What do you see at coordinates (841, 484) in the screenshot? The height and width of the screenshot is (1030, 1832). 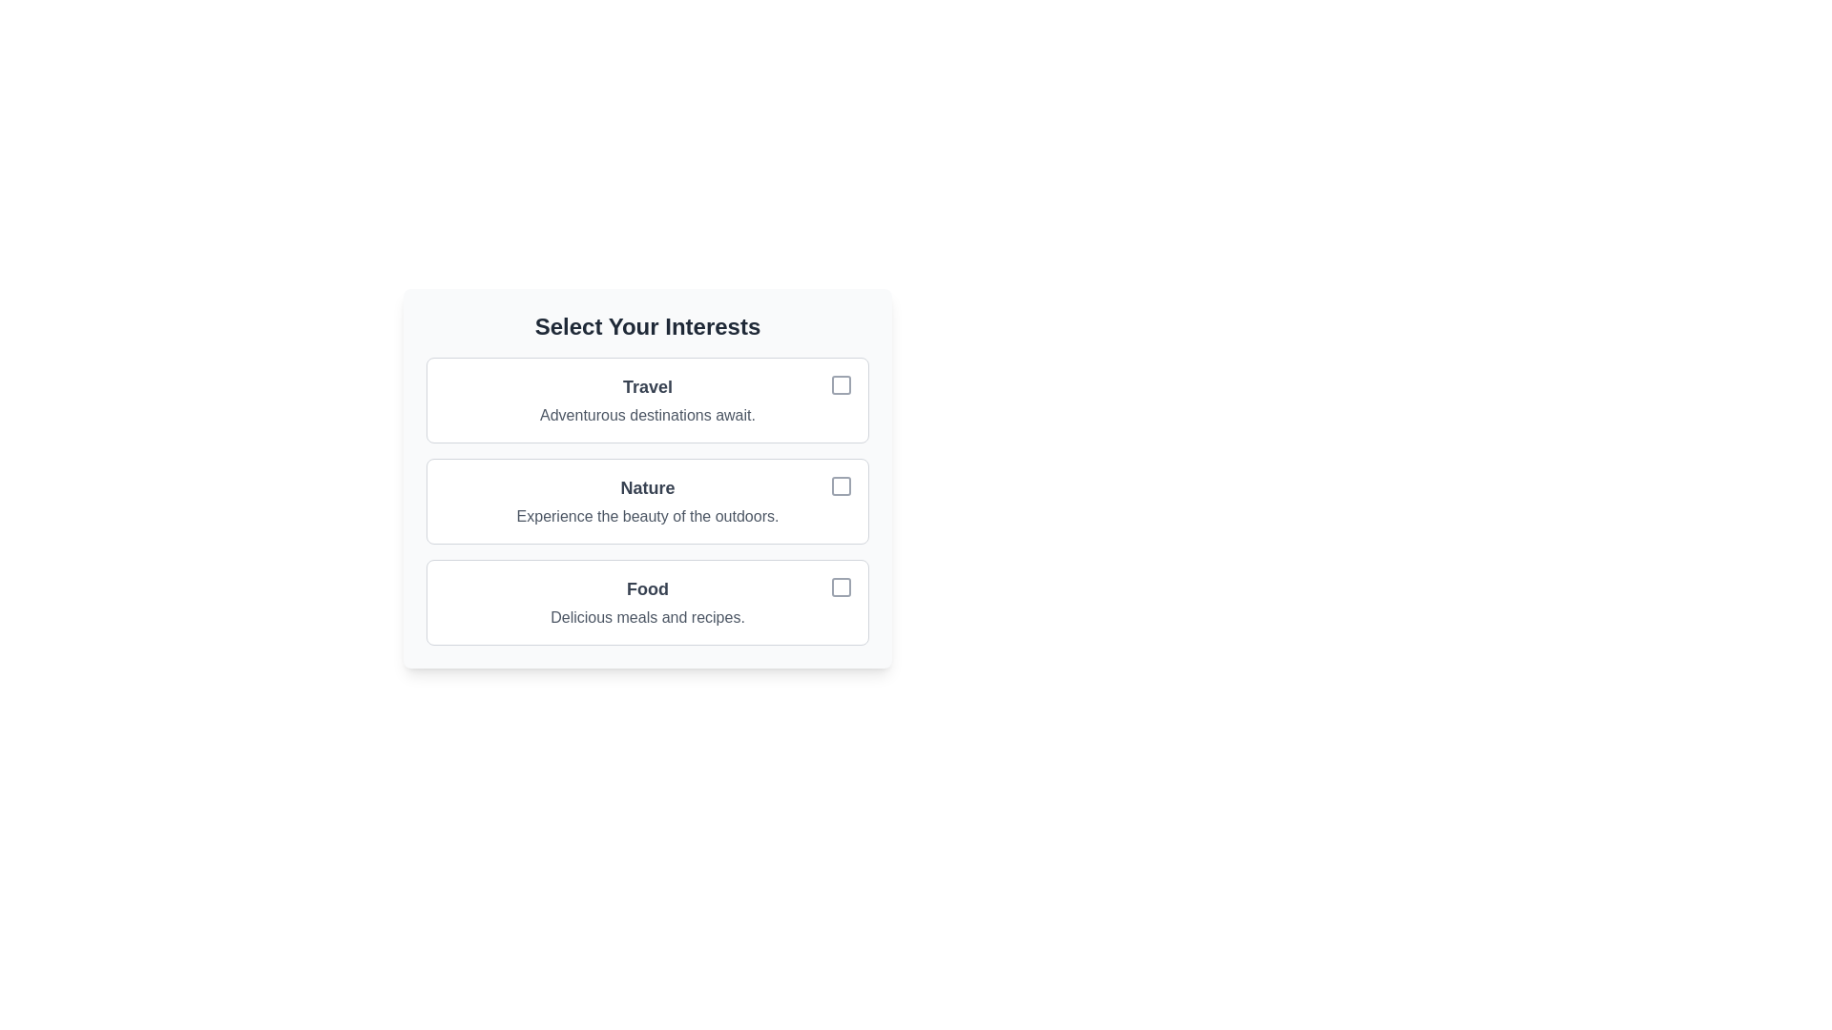 I see `the checkbox` at bounding box center [841, 484].